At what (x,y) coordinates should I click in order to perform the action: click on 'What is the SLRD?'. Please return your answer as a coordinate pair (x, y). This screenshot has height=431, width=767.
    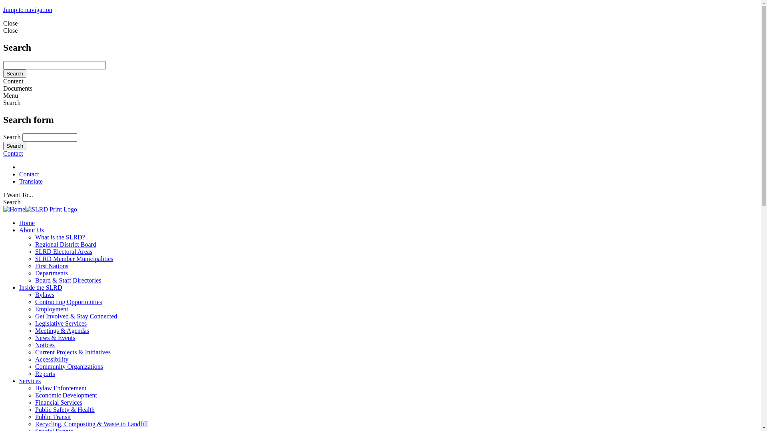
    Looking at the image, I should click on (60, 237).